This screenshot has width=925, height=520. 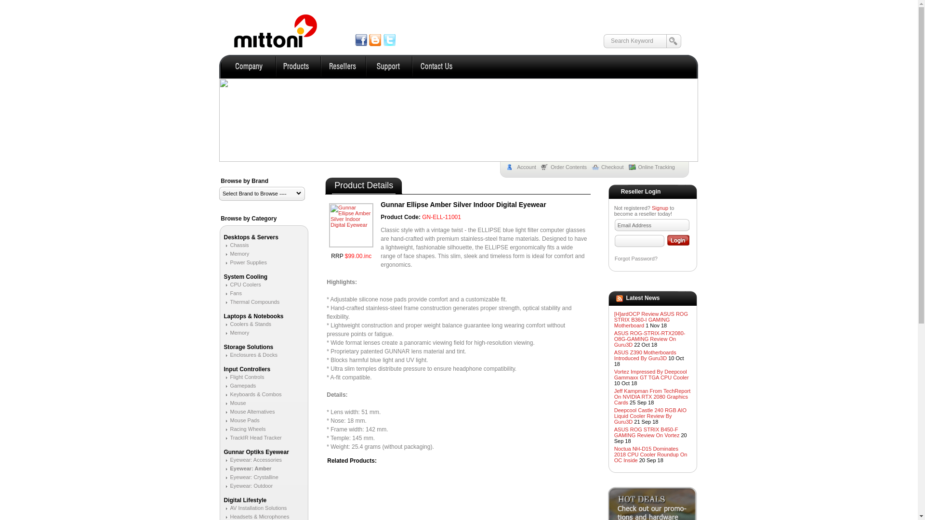 I want to click on 'Signup', so click(x=659, y=208).